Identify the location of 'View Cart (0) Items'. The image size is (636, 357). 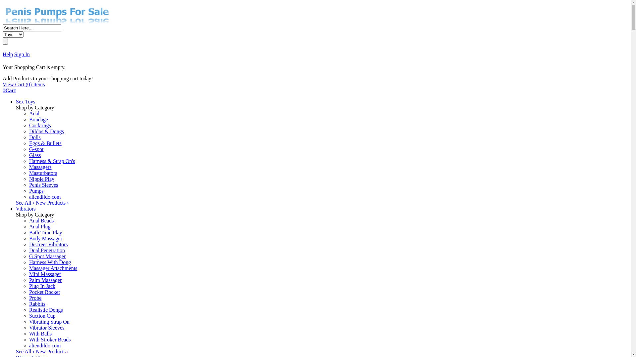
(24, 84).